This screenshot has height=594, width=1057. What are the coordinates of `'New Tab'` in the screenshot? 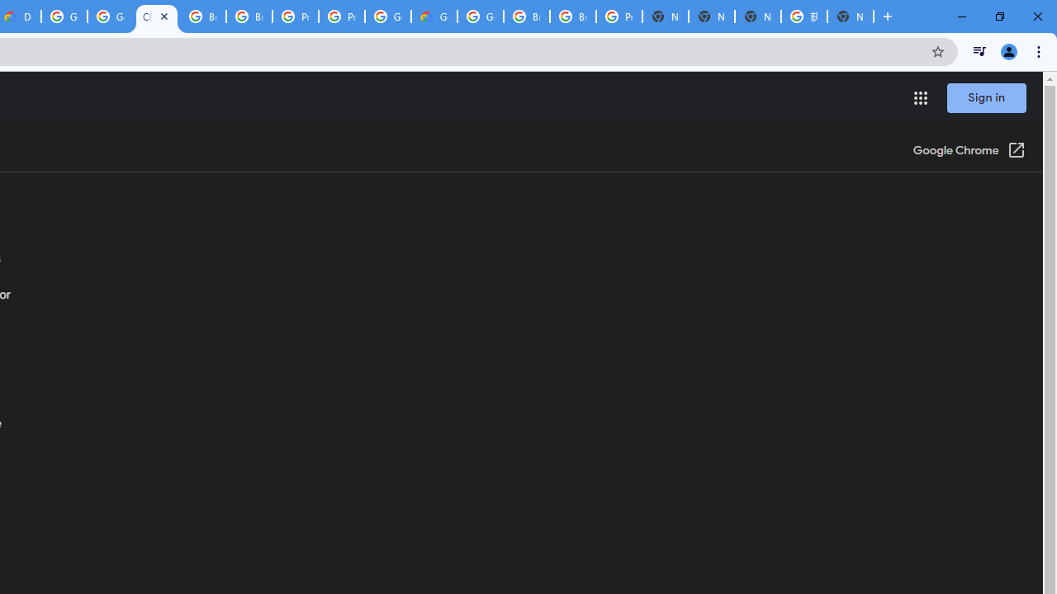 It's located at (851, 16).